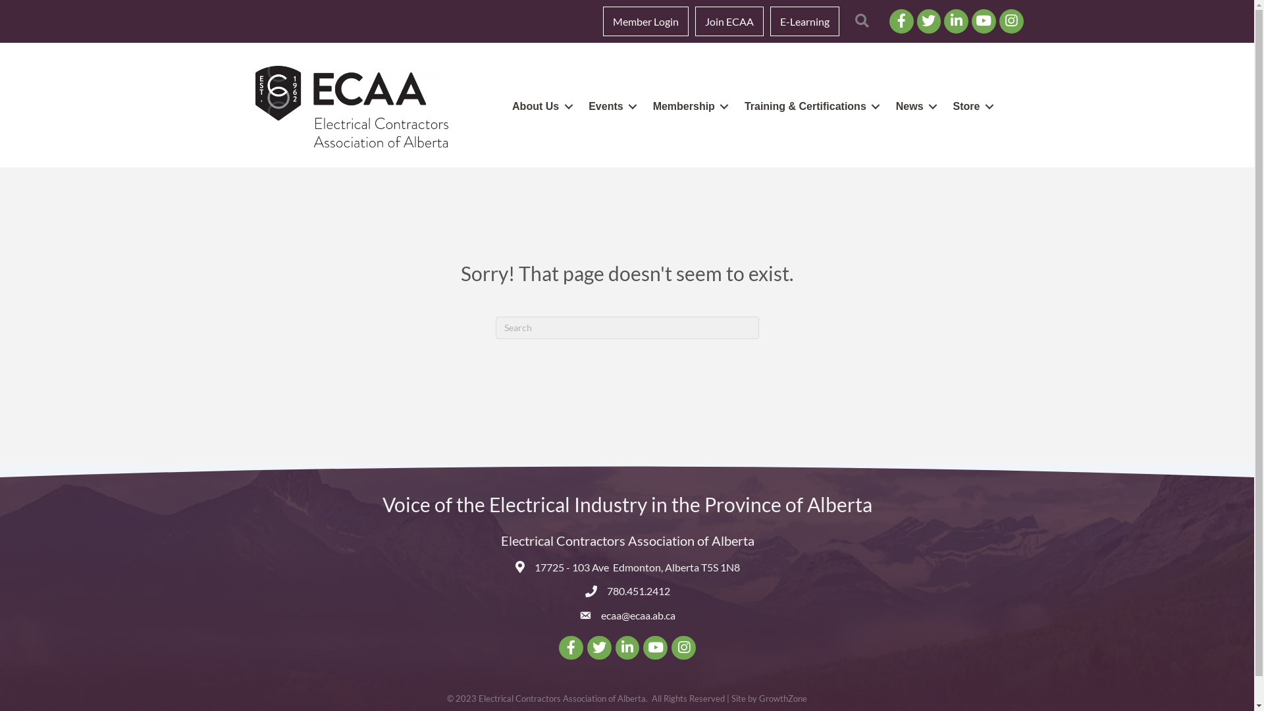  I want to click on 'E-Learning', so click(804, 21).